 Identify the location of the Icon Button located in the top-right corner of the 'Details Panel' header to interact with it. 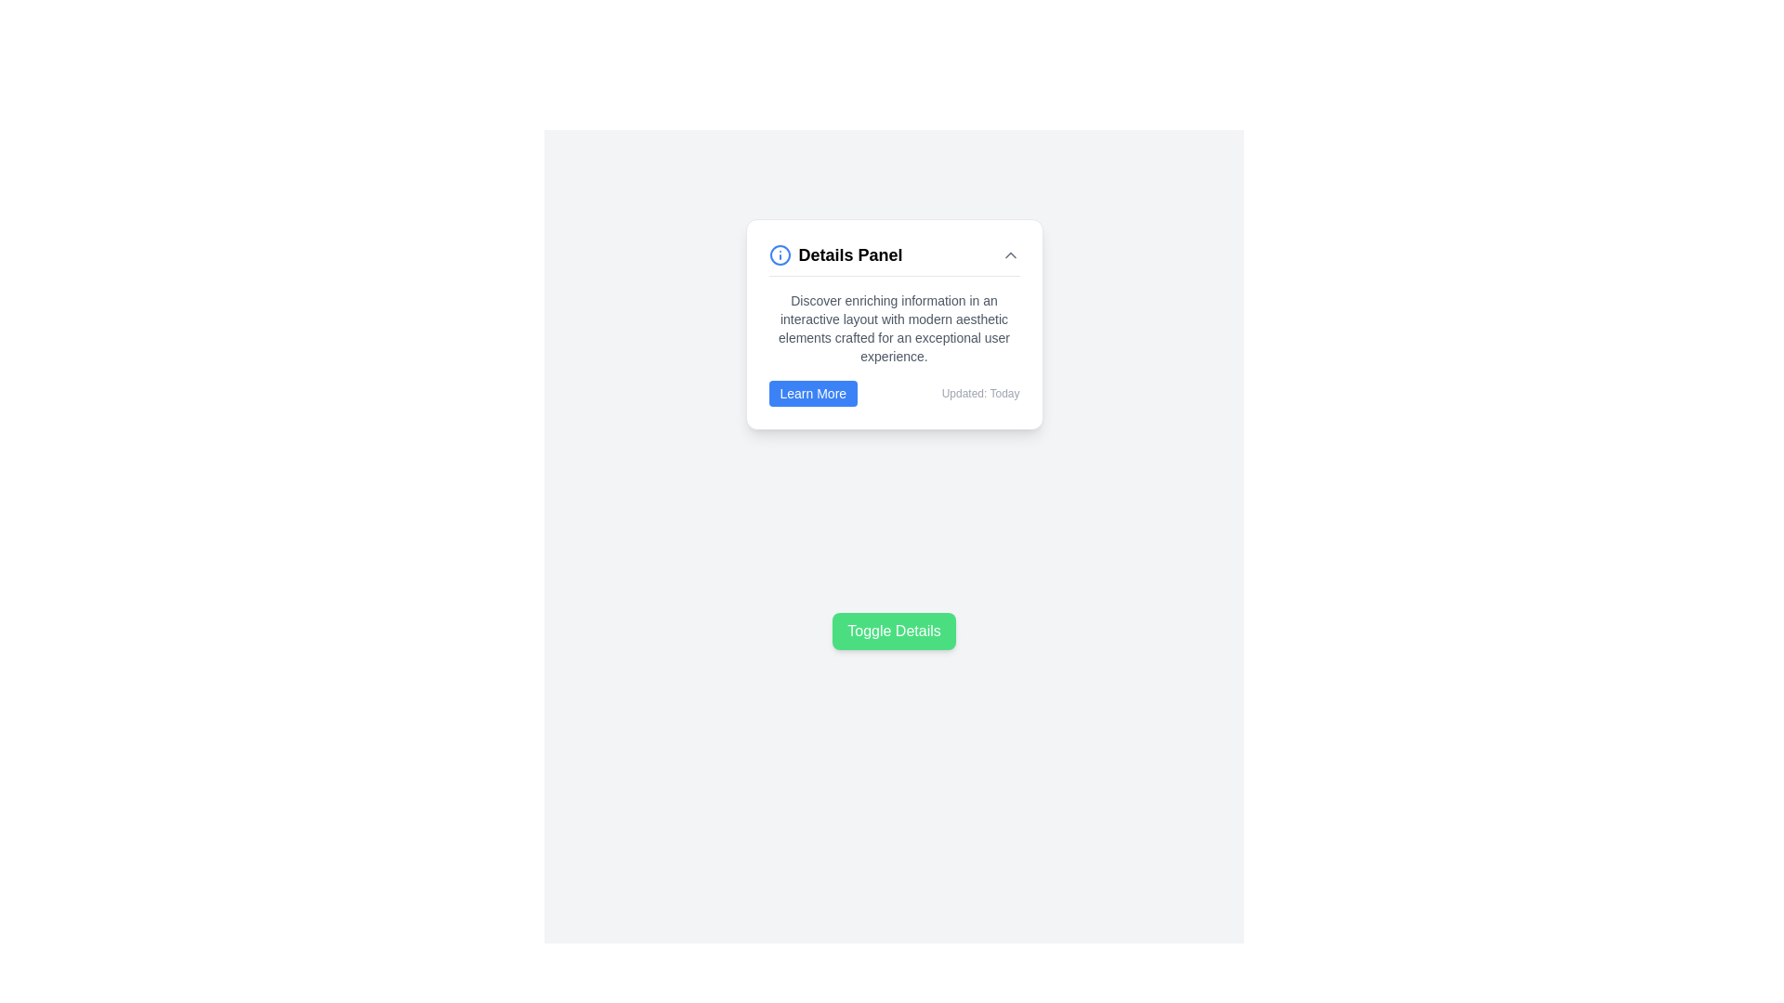
(1009, 254).